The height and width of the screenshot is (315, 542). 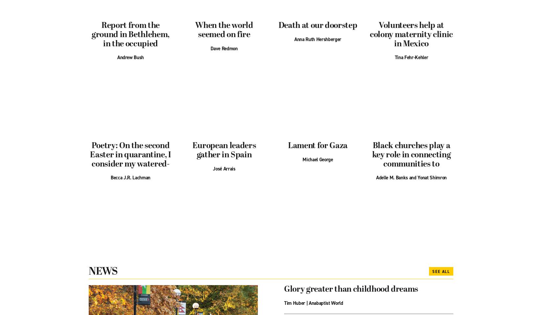 I want to click on 'See All', so click(x=432, y=271).